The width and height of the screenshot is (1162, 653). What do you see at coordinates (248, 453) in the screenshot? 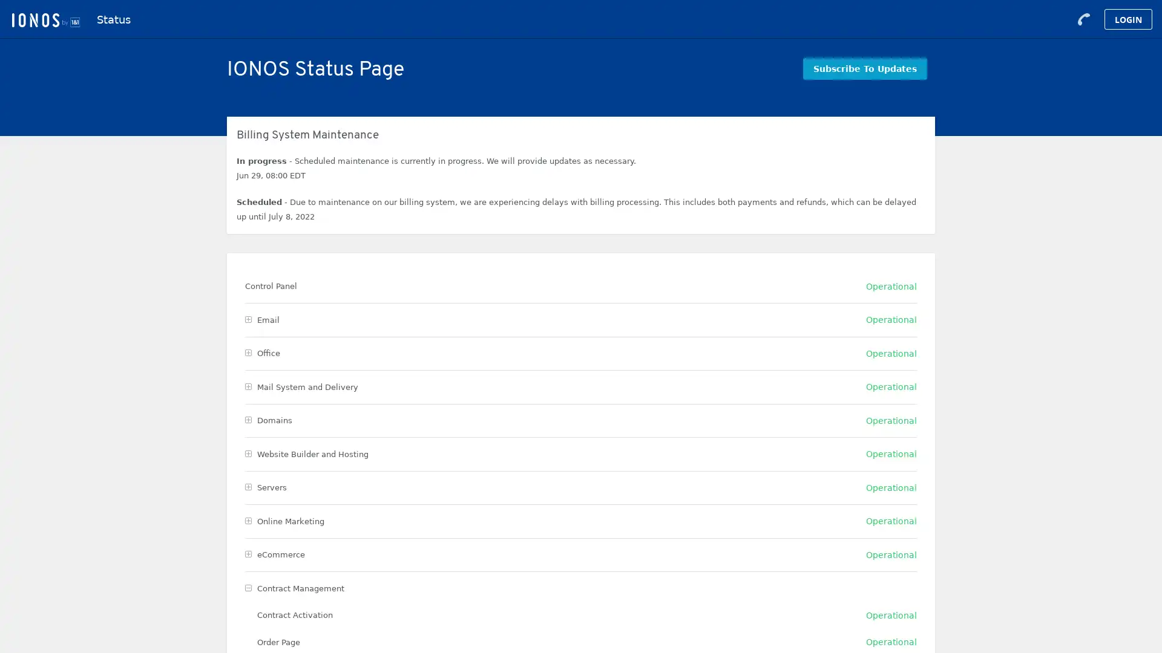
I see `Toggle Website Builder and Hosting` at bounding box center [248, 453].